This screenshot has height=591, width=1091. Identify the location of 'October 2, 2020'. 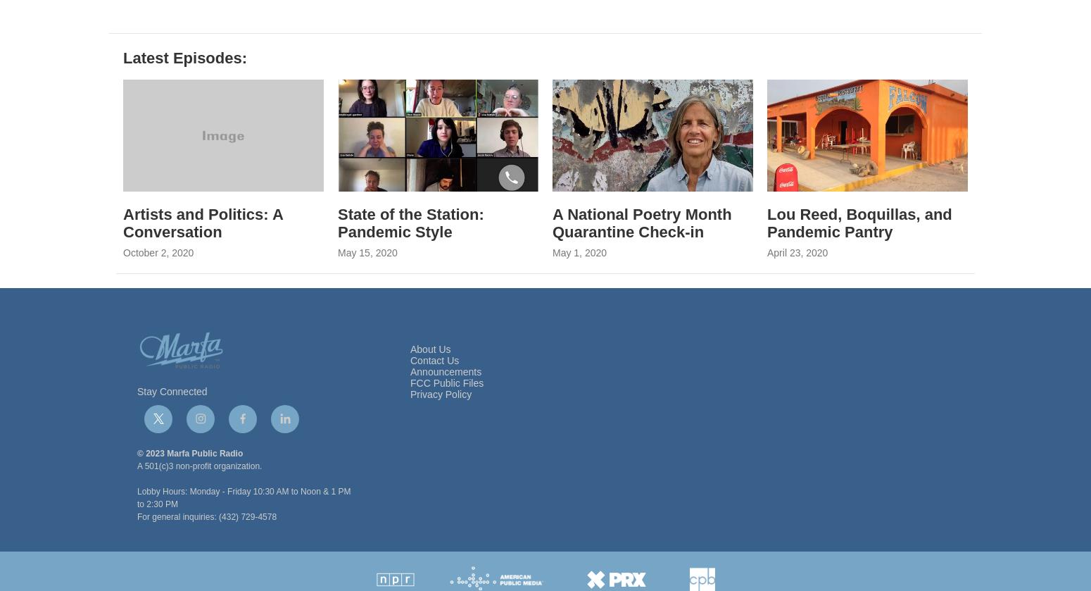
(158, 288).